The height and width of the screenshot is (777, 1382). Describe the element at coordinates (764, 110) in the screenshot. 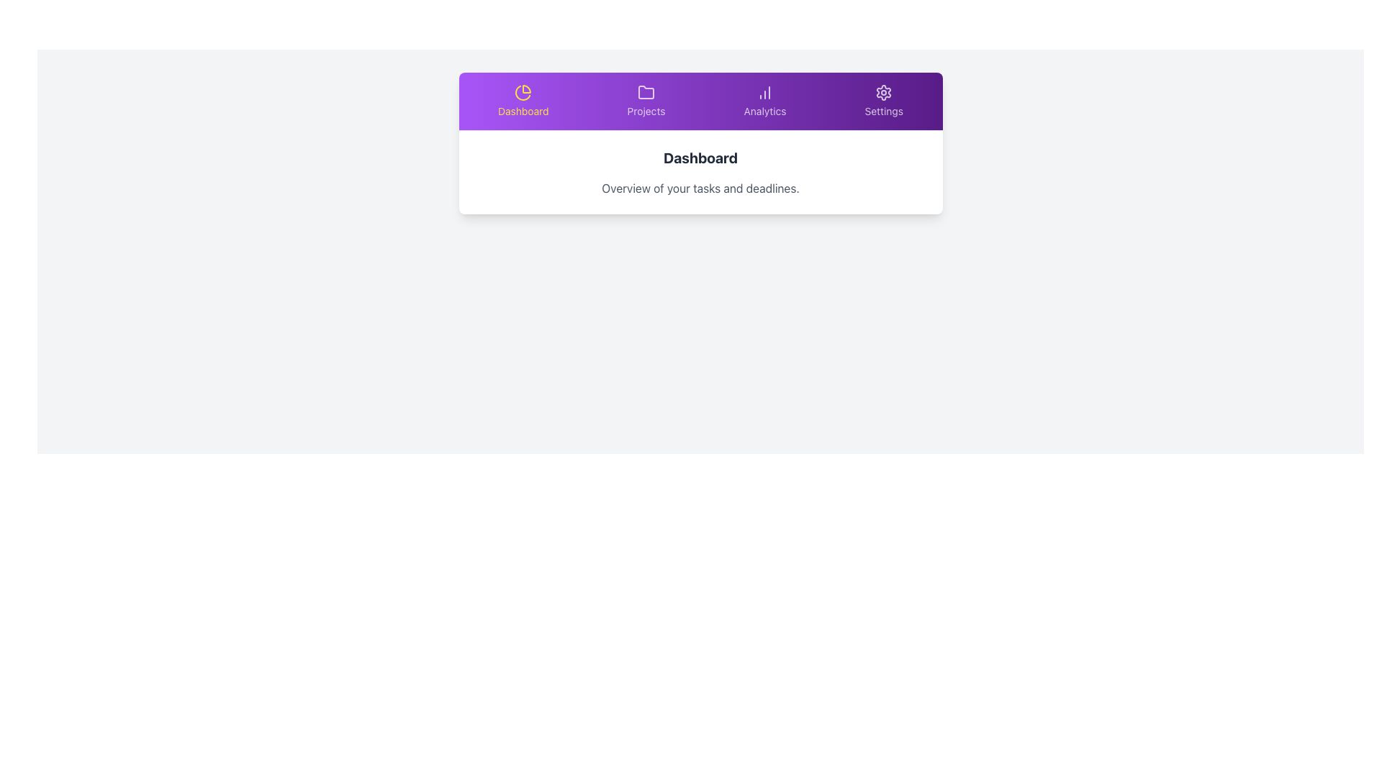

I see `the 'Analytics' text label in the top navigation bar, which guides users to the Analytics section of the interface` at that location.